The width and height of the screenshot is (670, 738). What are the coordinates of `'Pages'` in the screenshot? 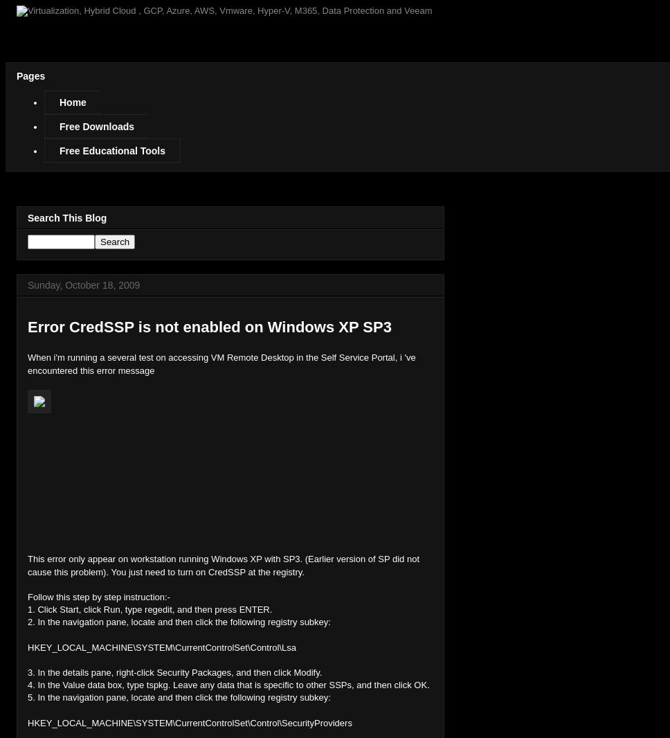 It's located at (30, 75).